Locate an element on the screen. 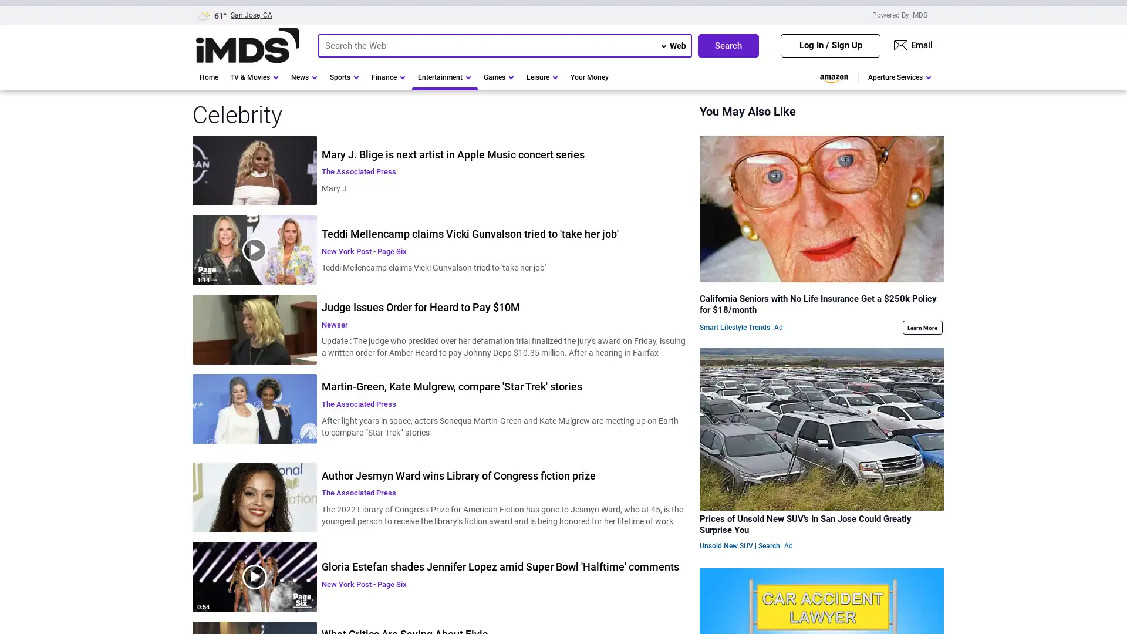 This screenshot has height=634, width=1127. Learn More is located at coordinates (921, 328).